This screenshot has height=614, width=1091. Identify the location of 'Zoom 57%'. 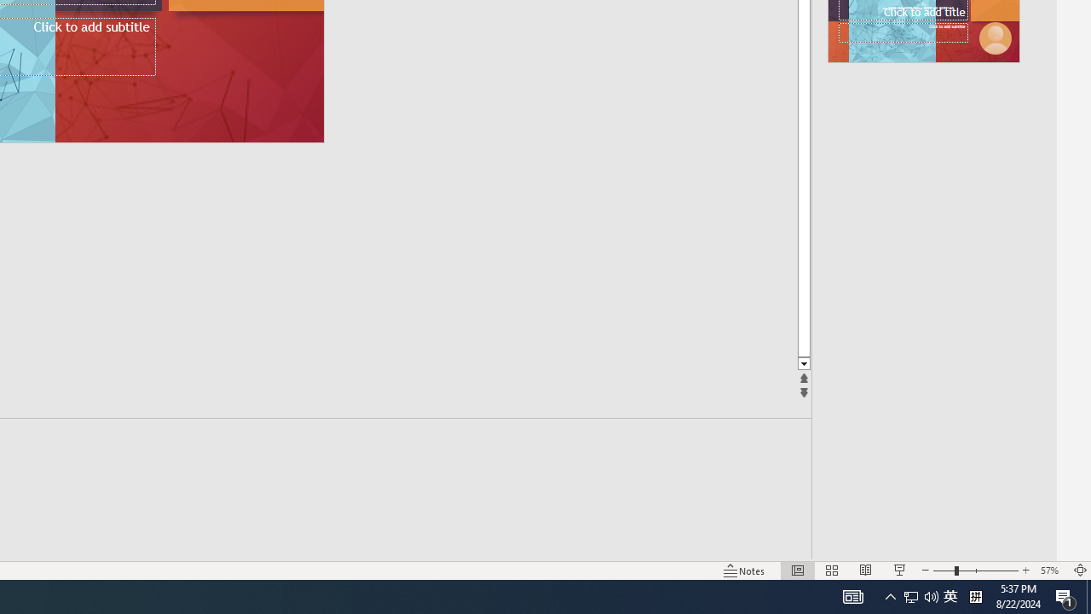
(1051, 571).